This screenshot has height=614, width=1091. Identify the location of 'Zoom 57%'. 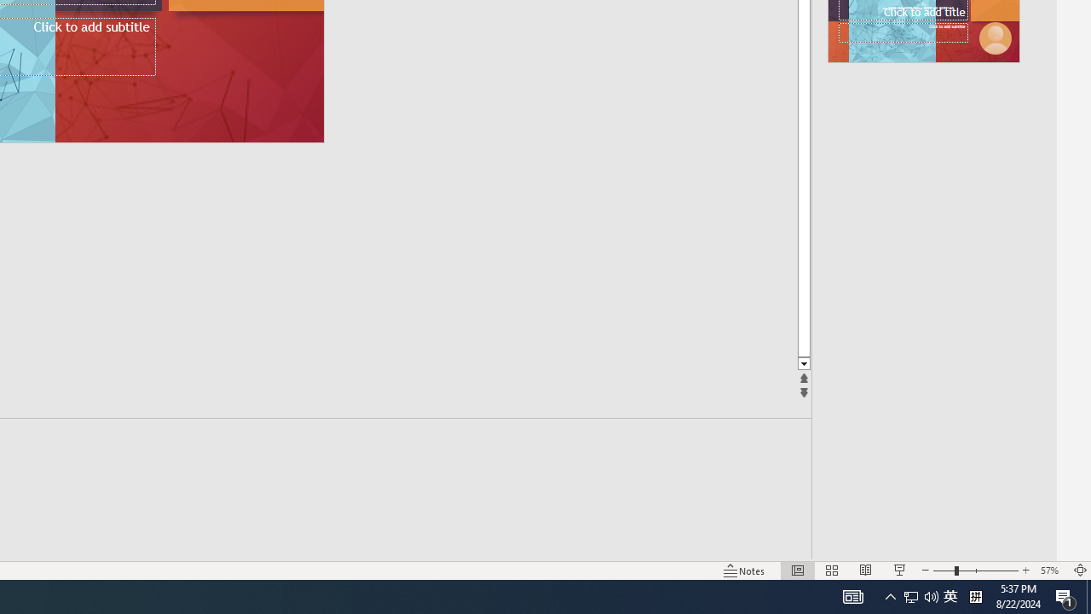
(1051, 571).